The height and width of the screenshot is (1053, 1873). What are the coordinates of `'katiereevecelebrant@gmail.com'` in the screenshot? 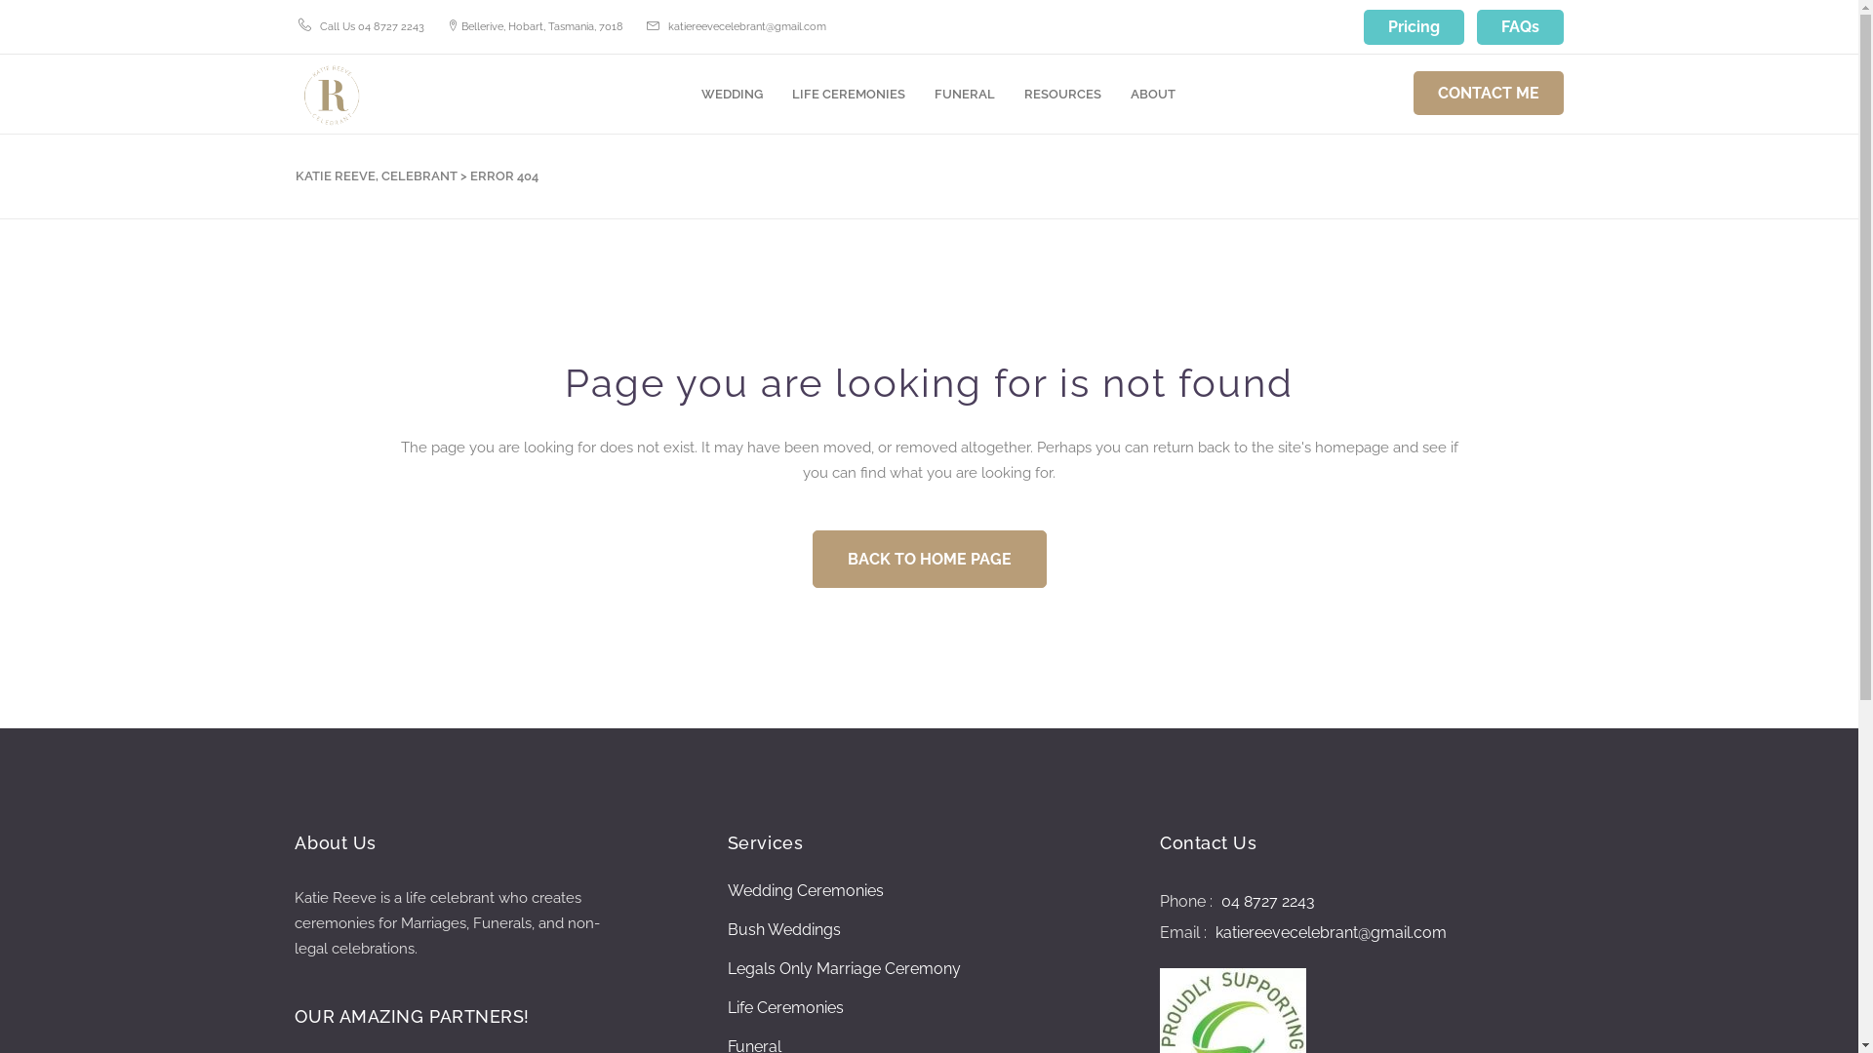 It's located at (1328, 931).